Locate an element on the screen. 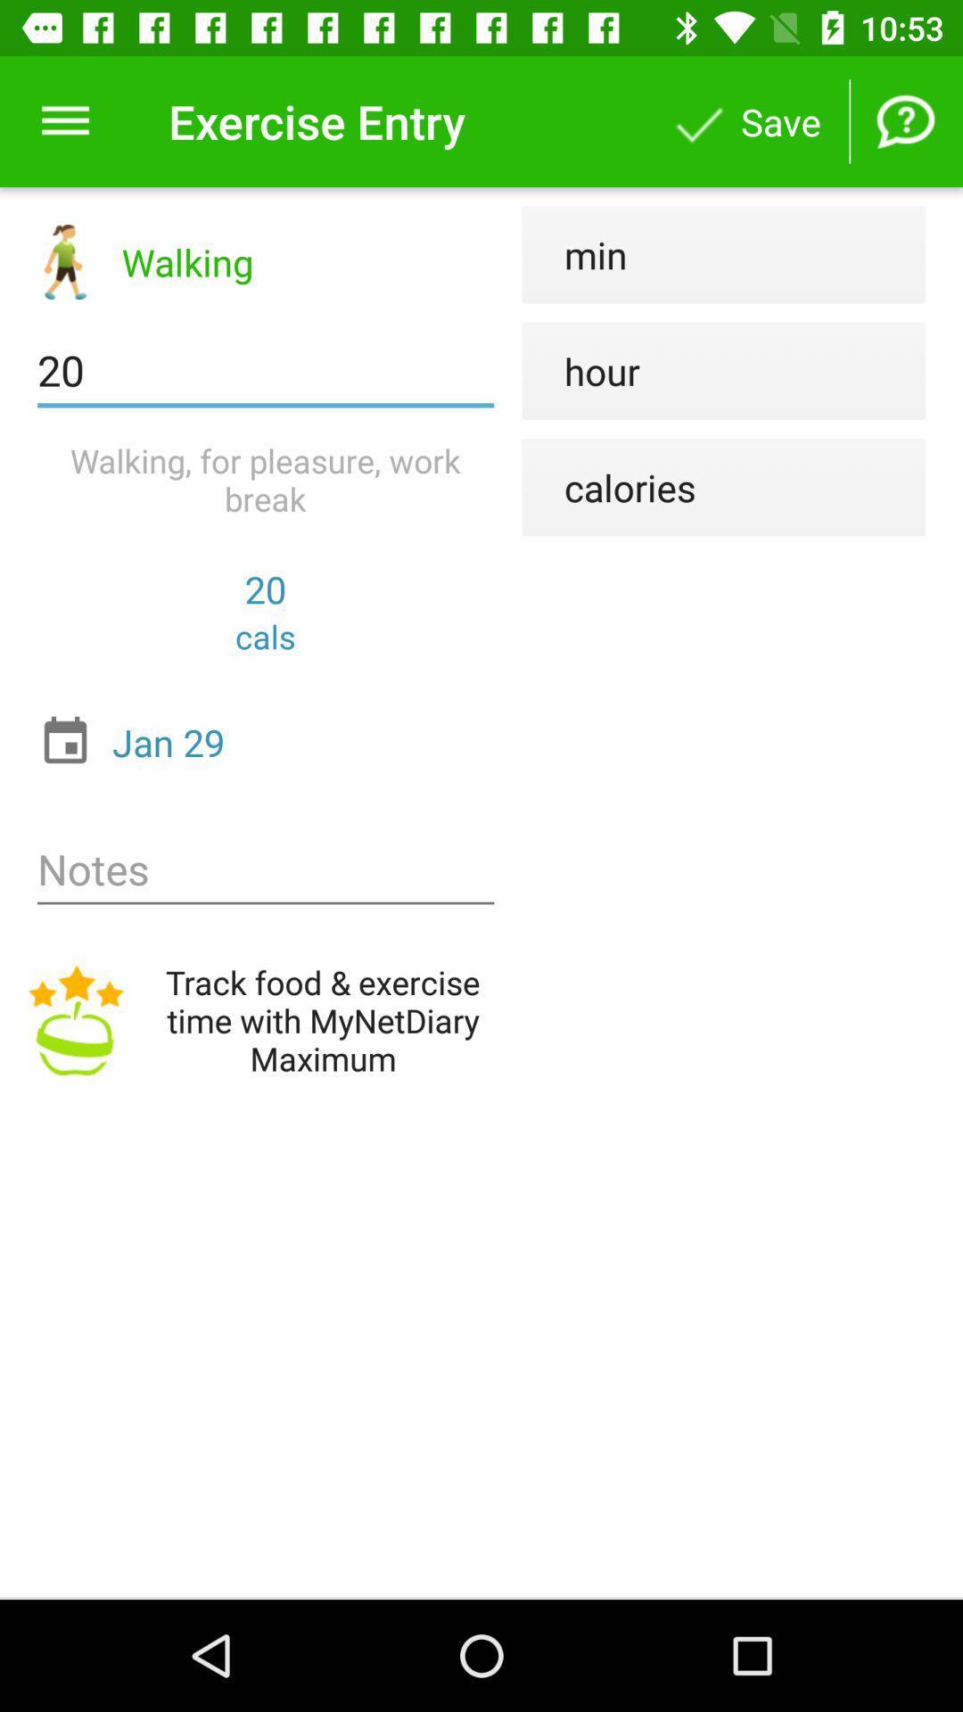  notes is located at coordinates (266, 869).